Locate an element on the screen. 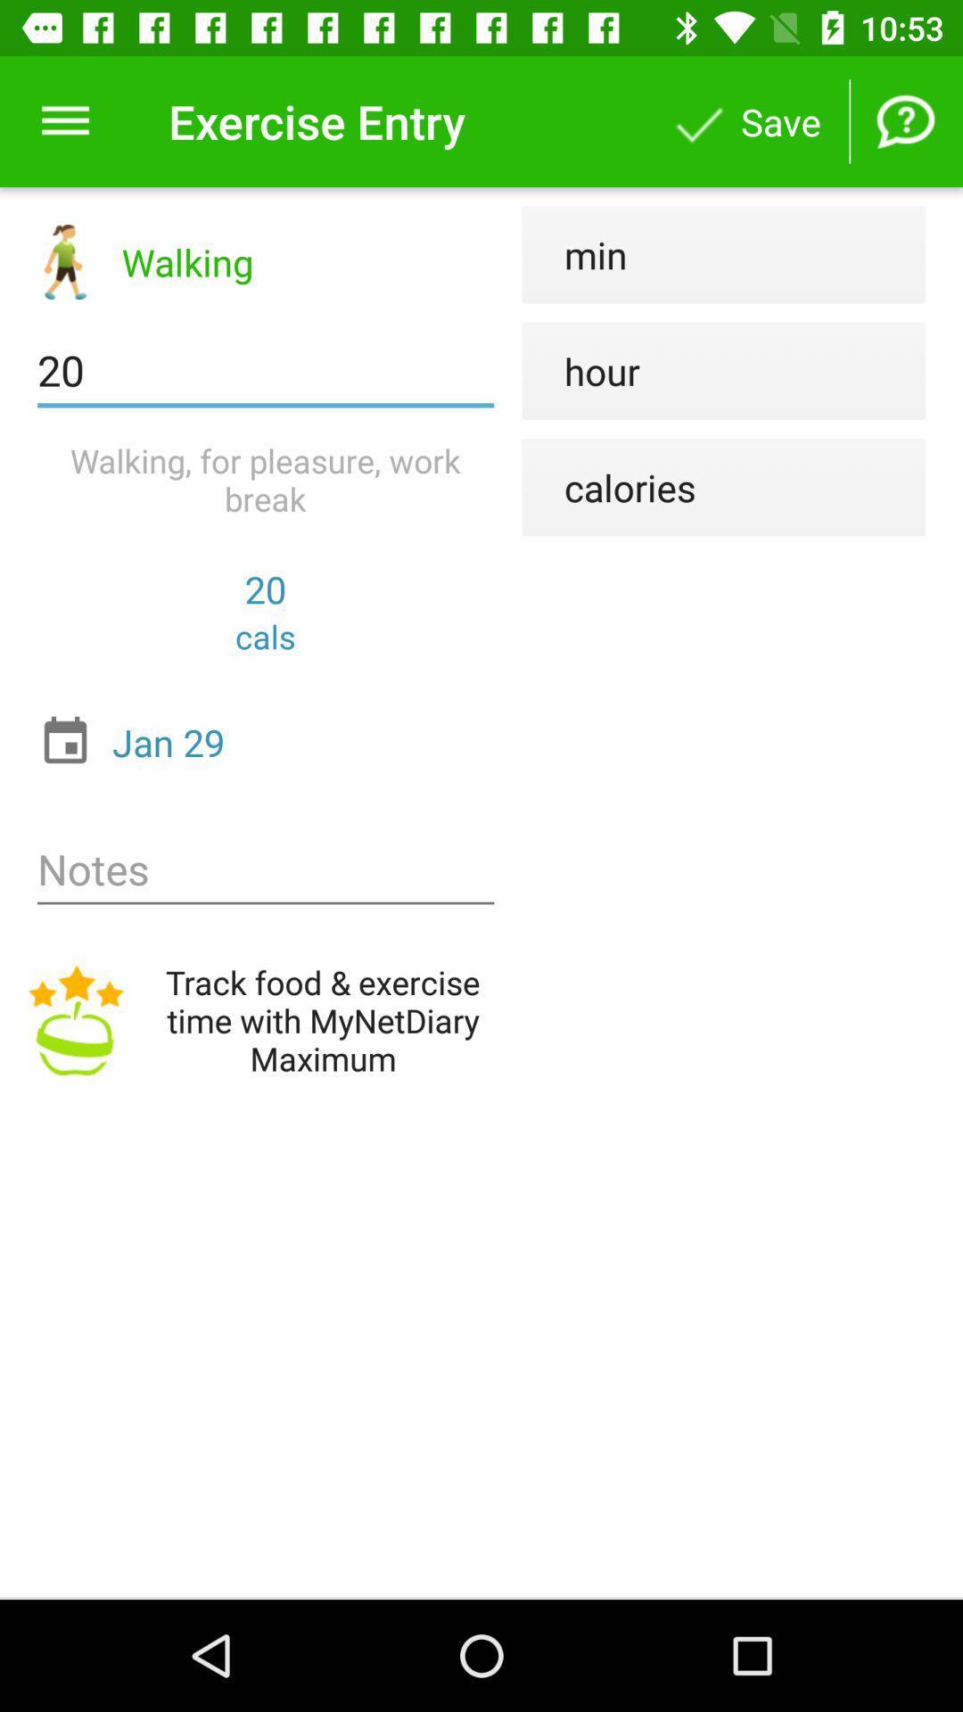  notes is located at coordinates (266, 869).